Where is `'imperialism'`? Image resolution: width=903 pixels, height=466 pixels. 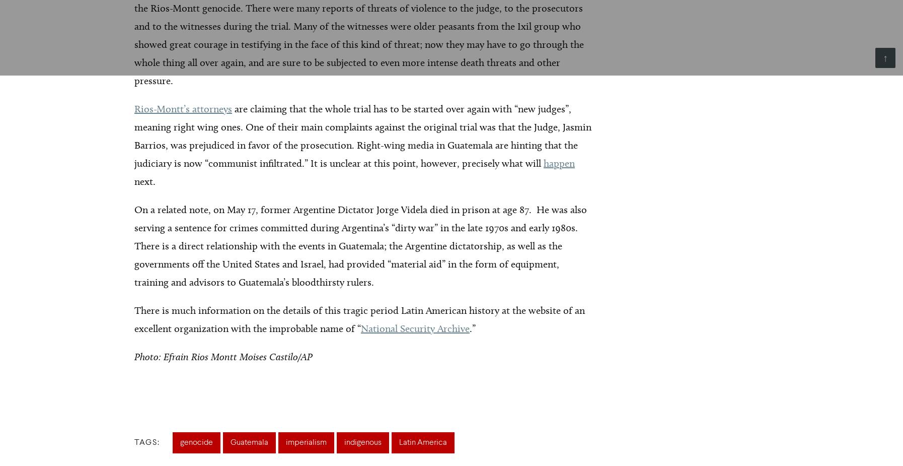 'imperialism' is located at coordinates (306, 443).